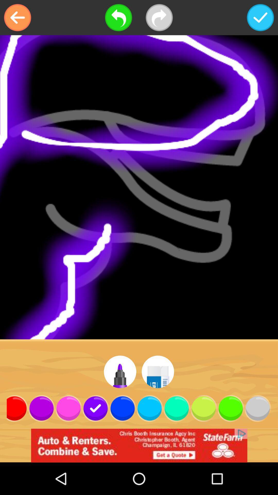  Describe the element at coordinates (159, 18) in the screenshot. I see `go forward` at that location.